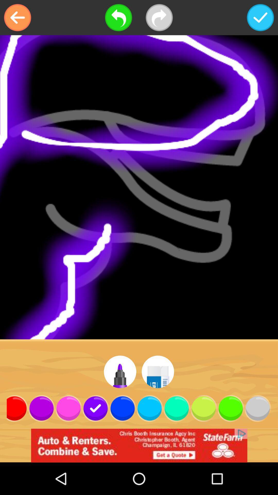  Describe the element at coordinates (159, 18) in the screenshot. I see `go forward` at that location.